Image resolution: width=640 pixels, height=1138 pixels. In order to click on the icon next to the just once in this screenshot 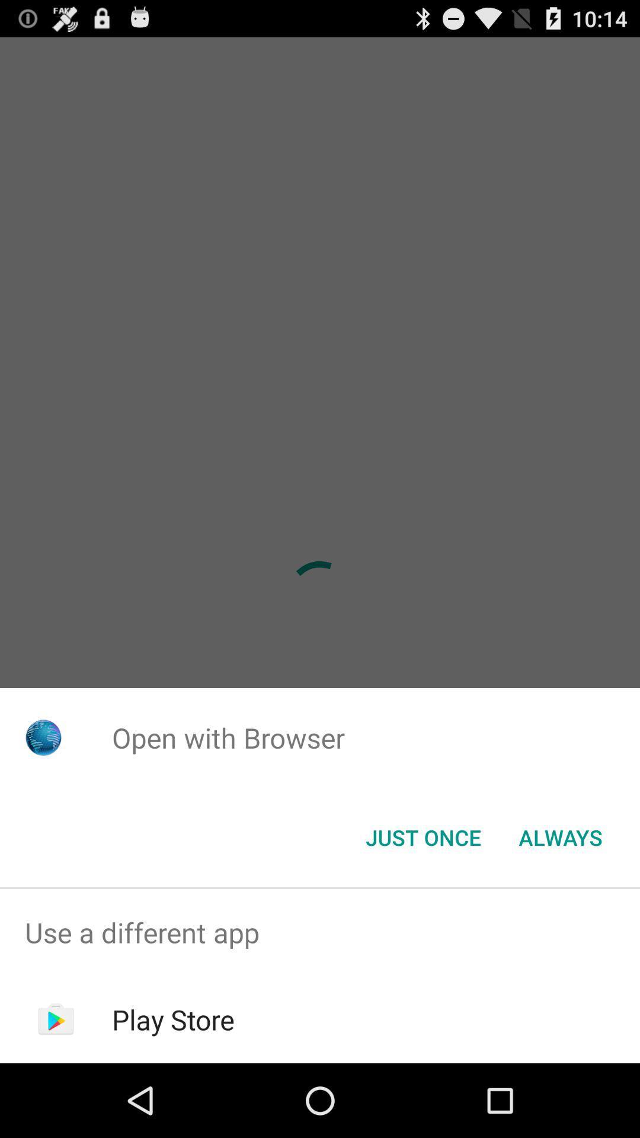, I will do `click(560, 836)`.